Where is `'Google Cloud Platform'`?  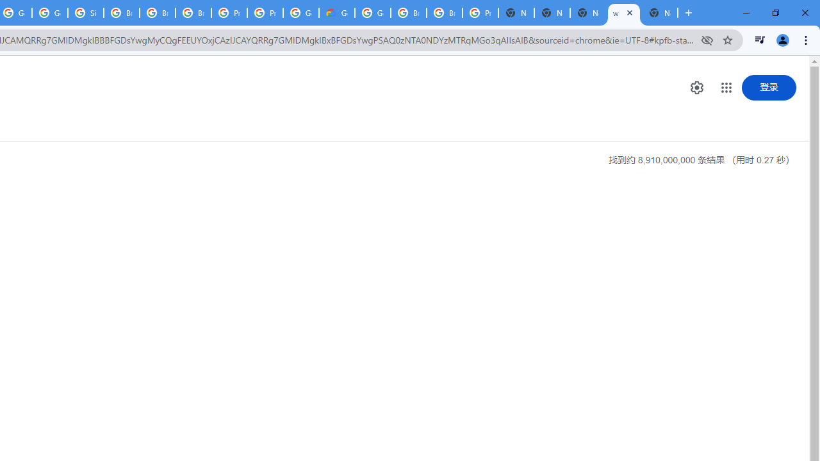 'Google Cloud Platform' is located at coordinates (372, 13).